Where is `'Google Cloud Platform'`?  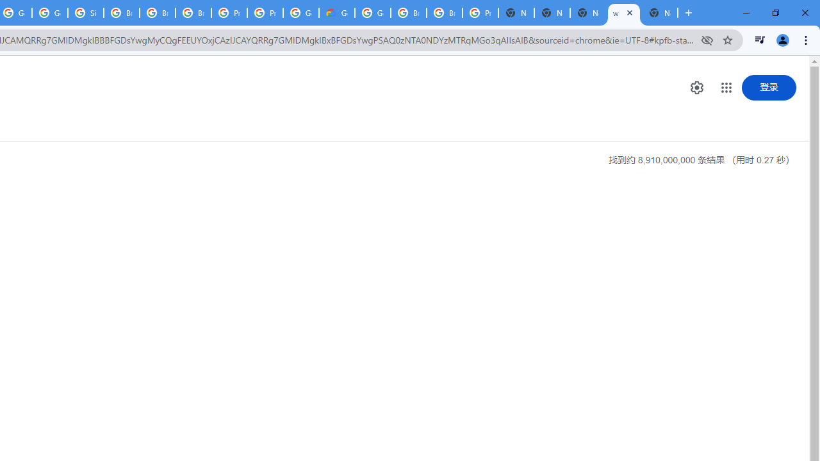 'Google Cloud Platform' is located at coordinates (372, 13).